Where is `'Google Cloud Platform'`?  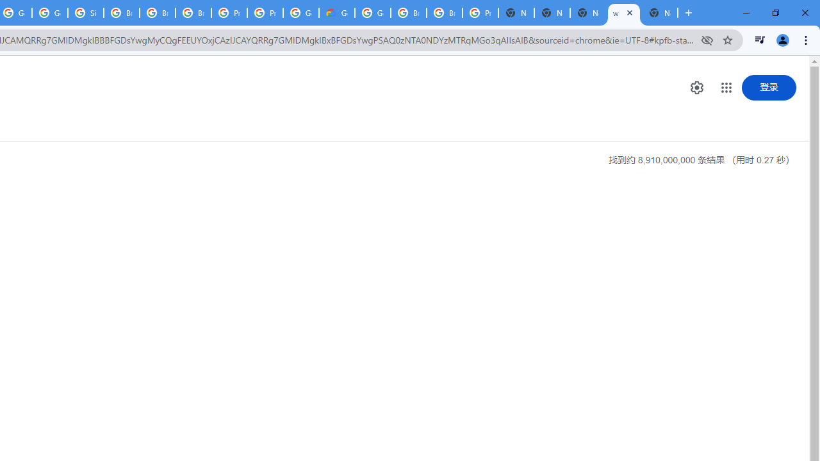 'Google Cloud Platform' is located at coordinates (372, 13).